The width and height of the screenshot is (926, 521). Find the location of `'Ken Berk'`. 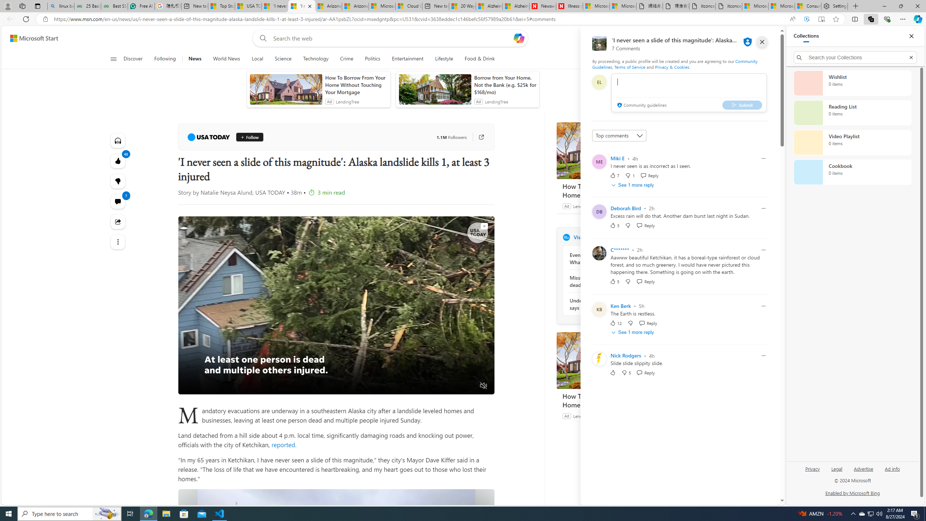

'Ken Berk' is located at coordinates (621, 306).